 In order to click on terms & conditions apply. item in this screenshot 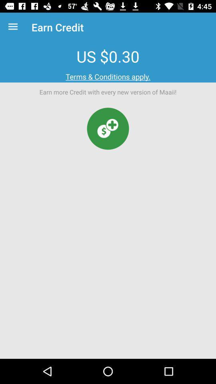, I will do `click(108, 76)`.